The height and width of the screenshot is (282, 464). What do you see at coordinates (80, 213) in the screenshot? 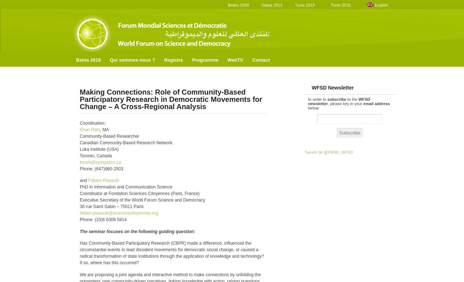
I see `'fabien.piasecki@sciencescitoyennes.org'` at bounding box center [80, 213].